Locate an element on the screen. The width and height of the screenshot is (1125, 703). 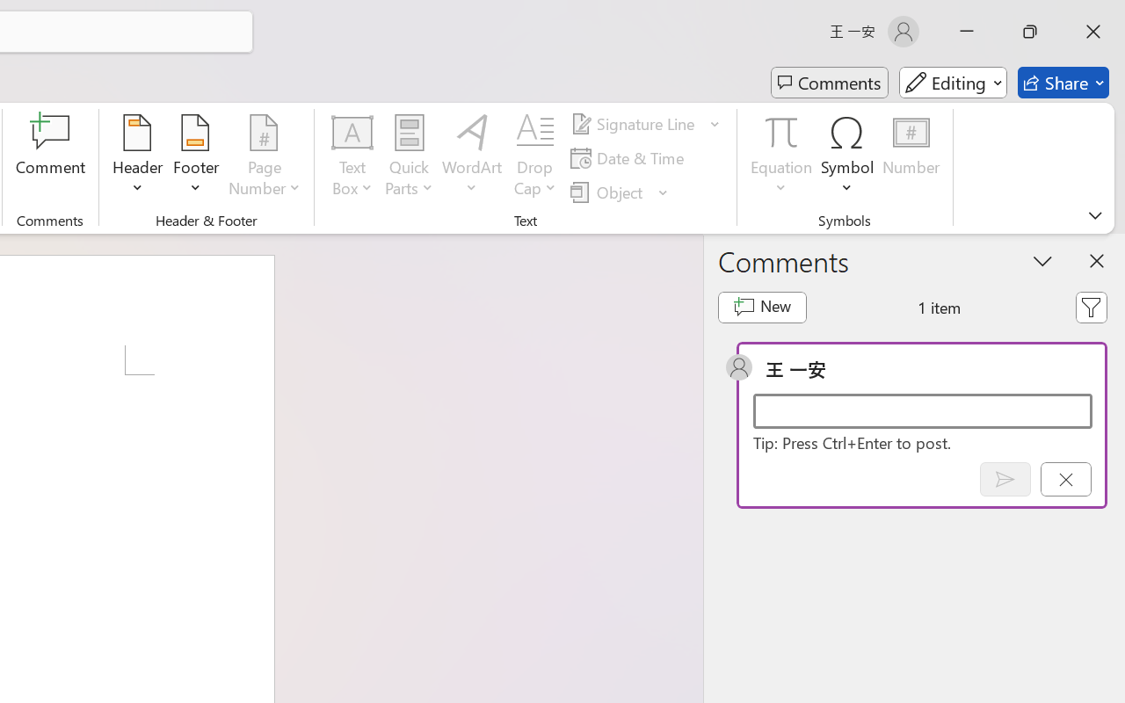
'Header' is located at coordinates (137, 157).